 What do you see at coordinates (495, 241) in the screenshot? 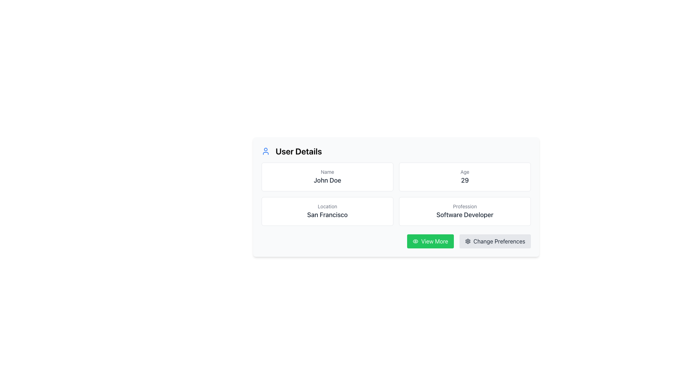
I see `the preferences button located at the bottom right of the interface` at bounding box center [495, 241].